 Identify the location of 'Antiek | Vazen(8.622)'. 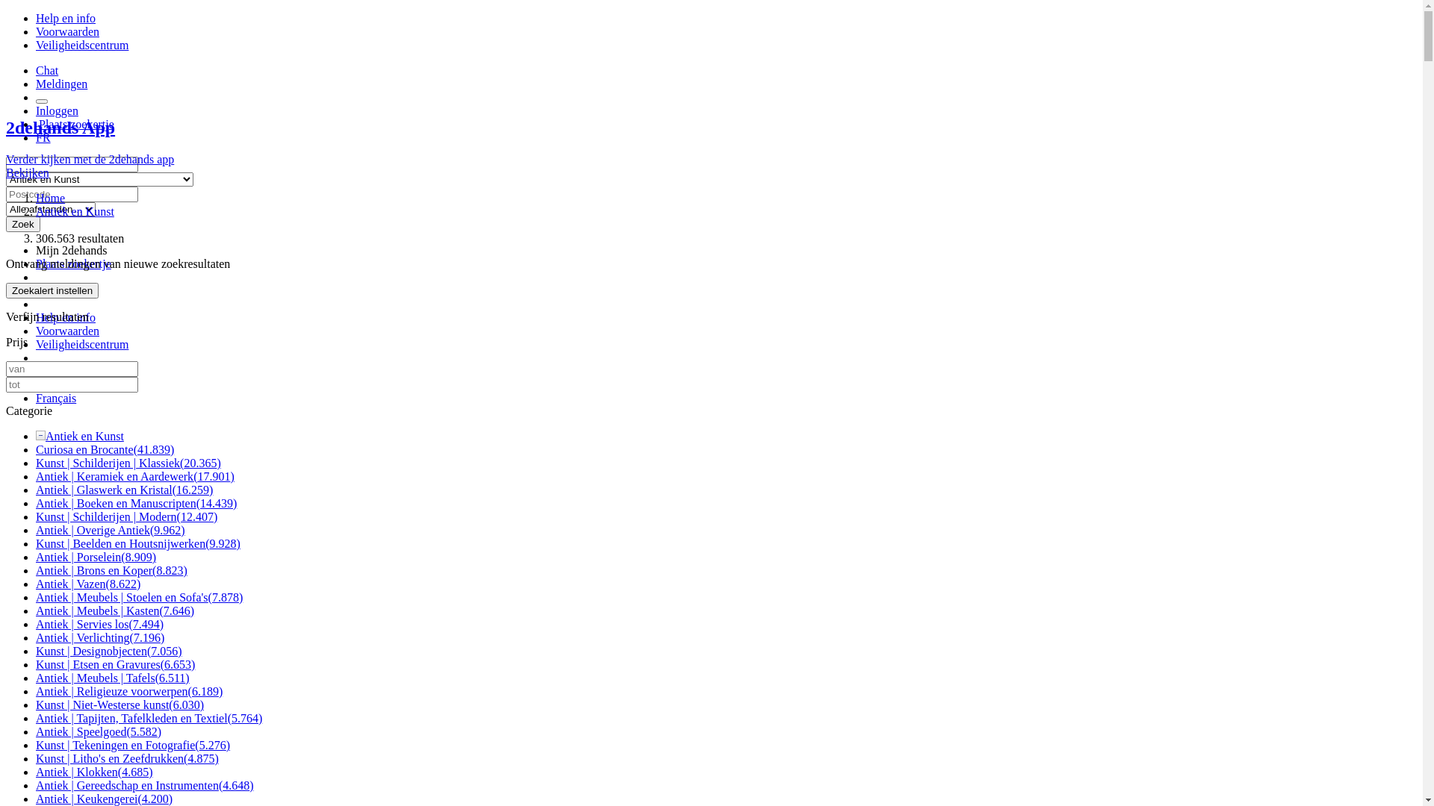
(87, 583).